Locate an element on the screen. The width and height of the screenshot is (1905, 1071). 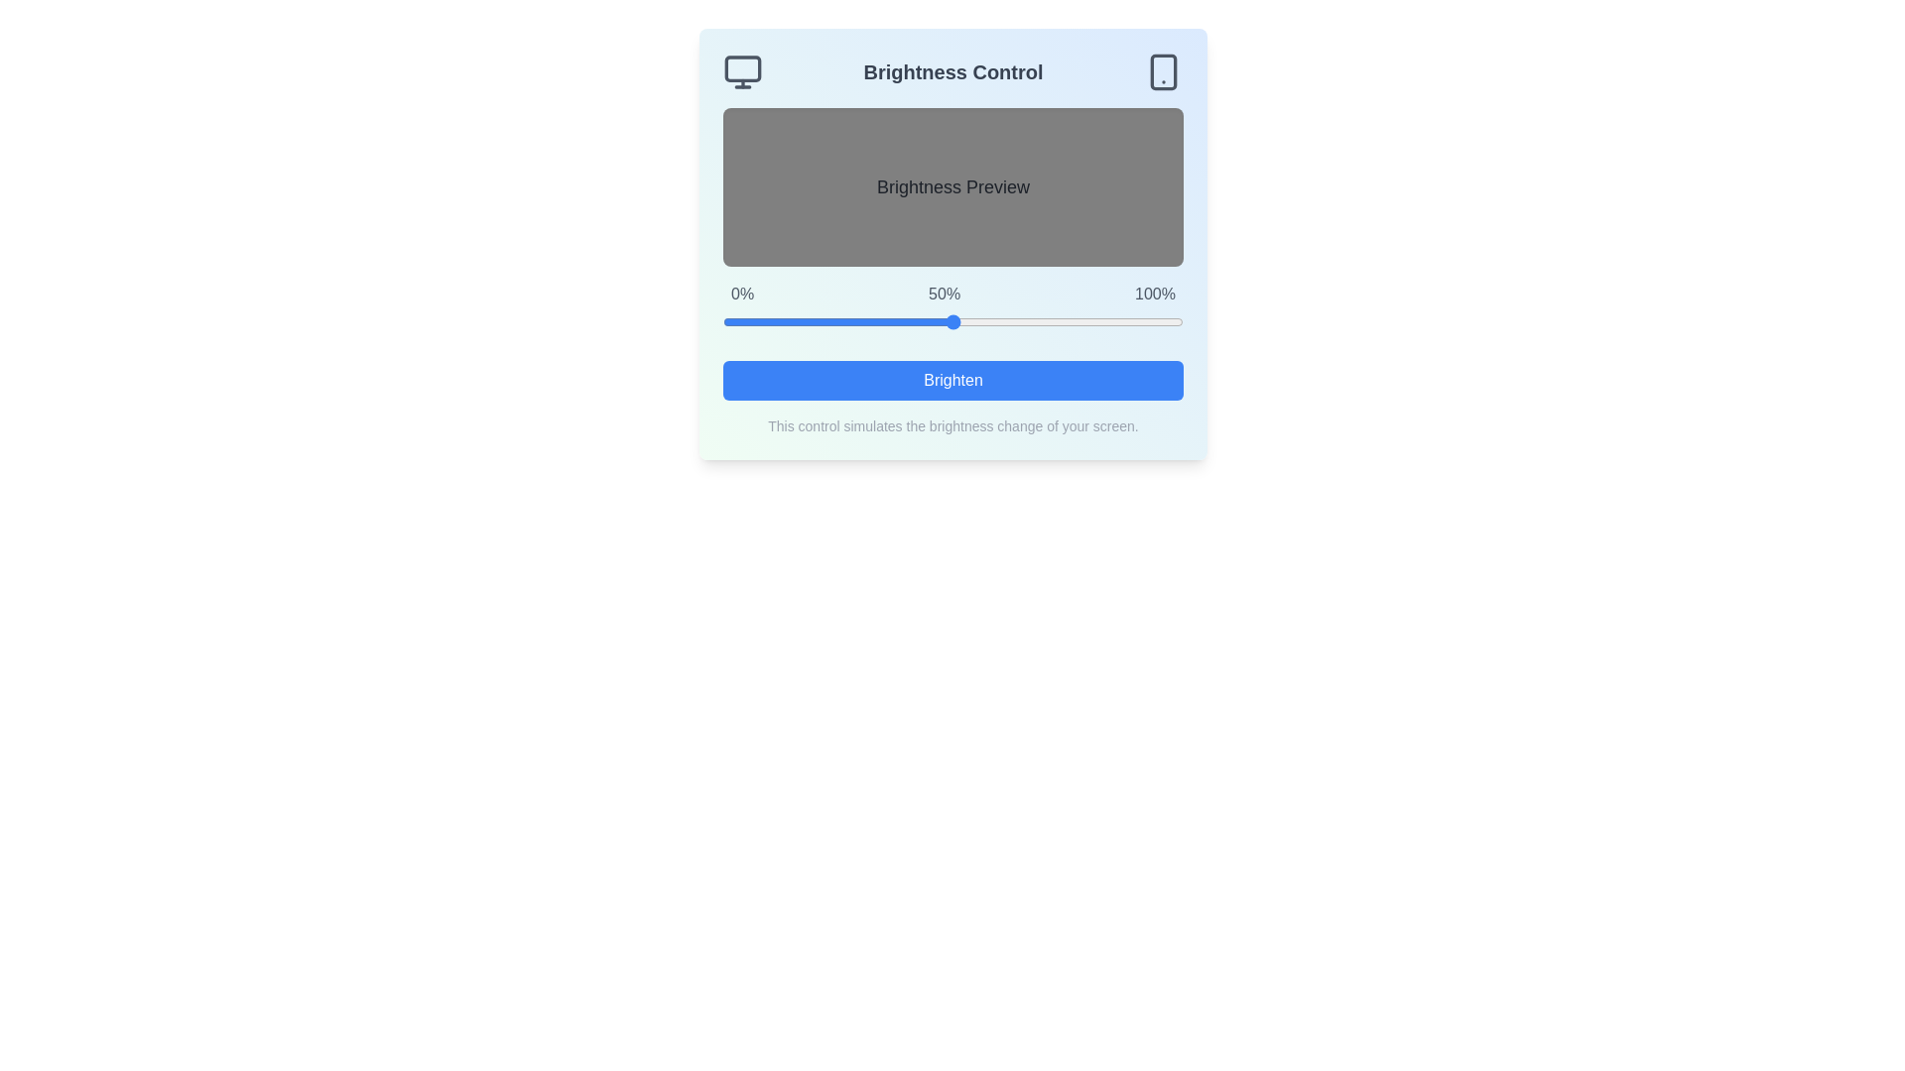
the brightness slider to set the brightness level to 68% is located at coordinates (1035, 320).